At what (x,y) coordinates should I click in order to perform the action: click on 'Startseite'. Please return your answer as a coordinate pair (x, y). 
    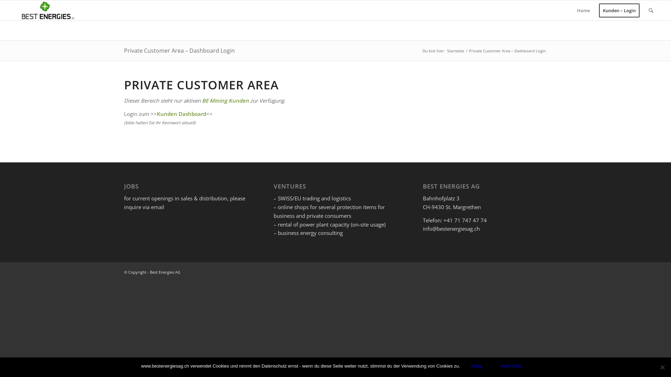
    Looking at the image, I should click on (455, 50).